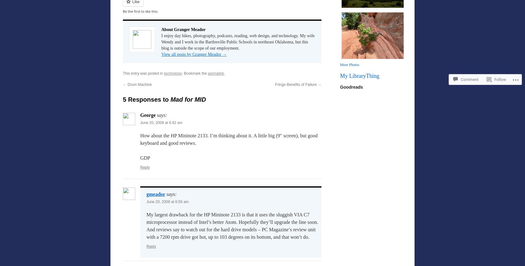 This screenshot has height=266, width=525. What do you see at coordinates (143, 73) in the screenshot?
I see `'This entry was posted in'` at bounding box center [143, 73].